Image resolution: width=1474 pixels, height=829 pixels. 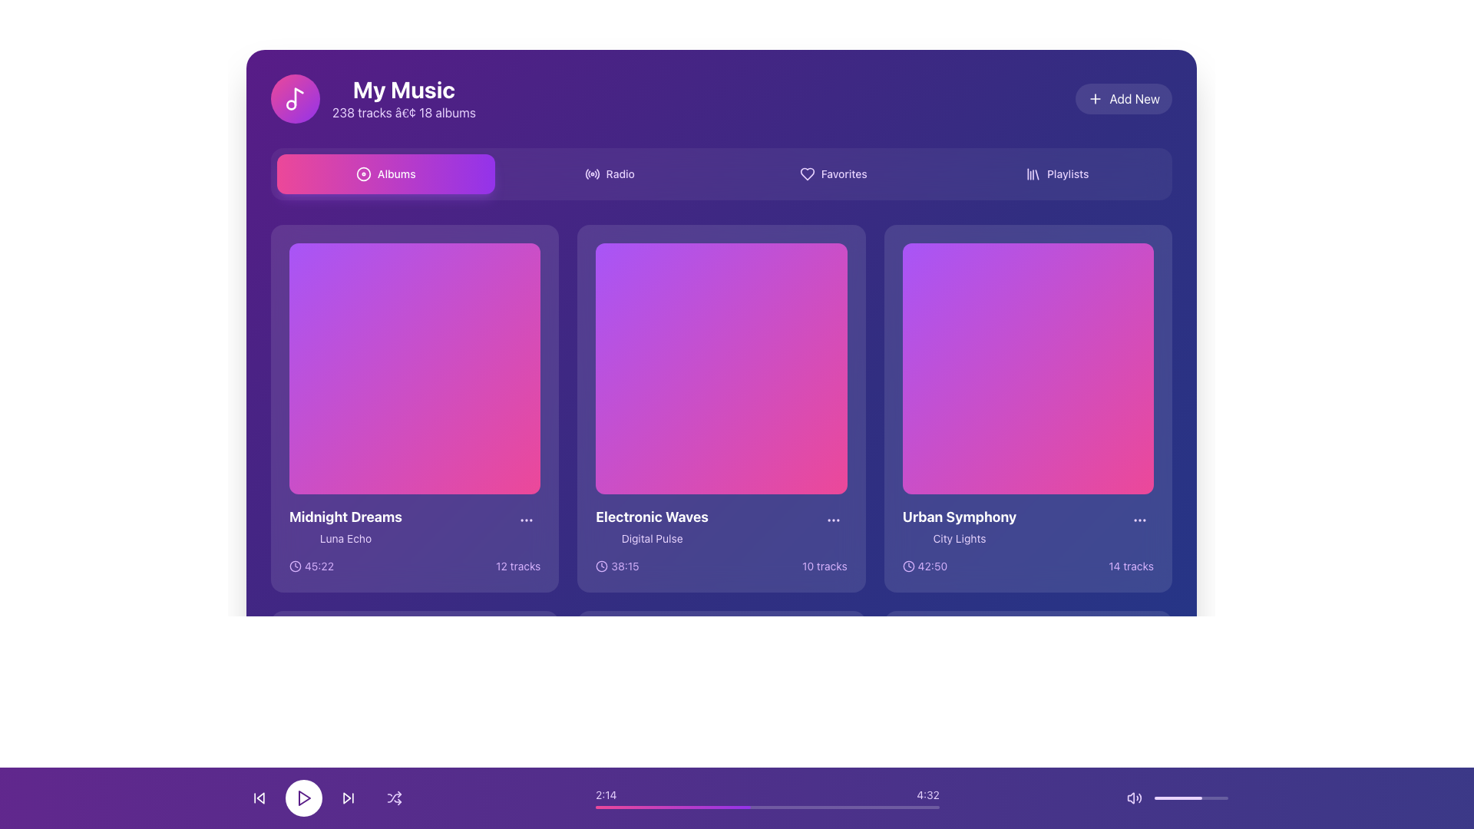 What do you see at coordinates (1185, 798) in the screenshot?
I see `volume` at bounding box center [1185, 798].